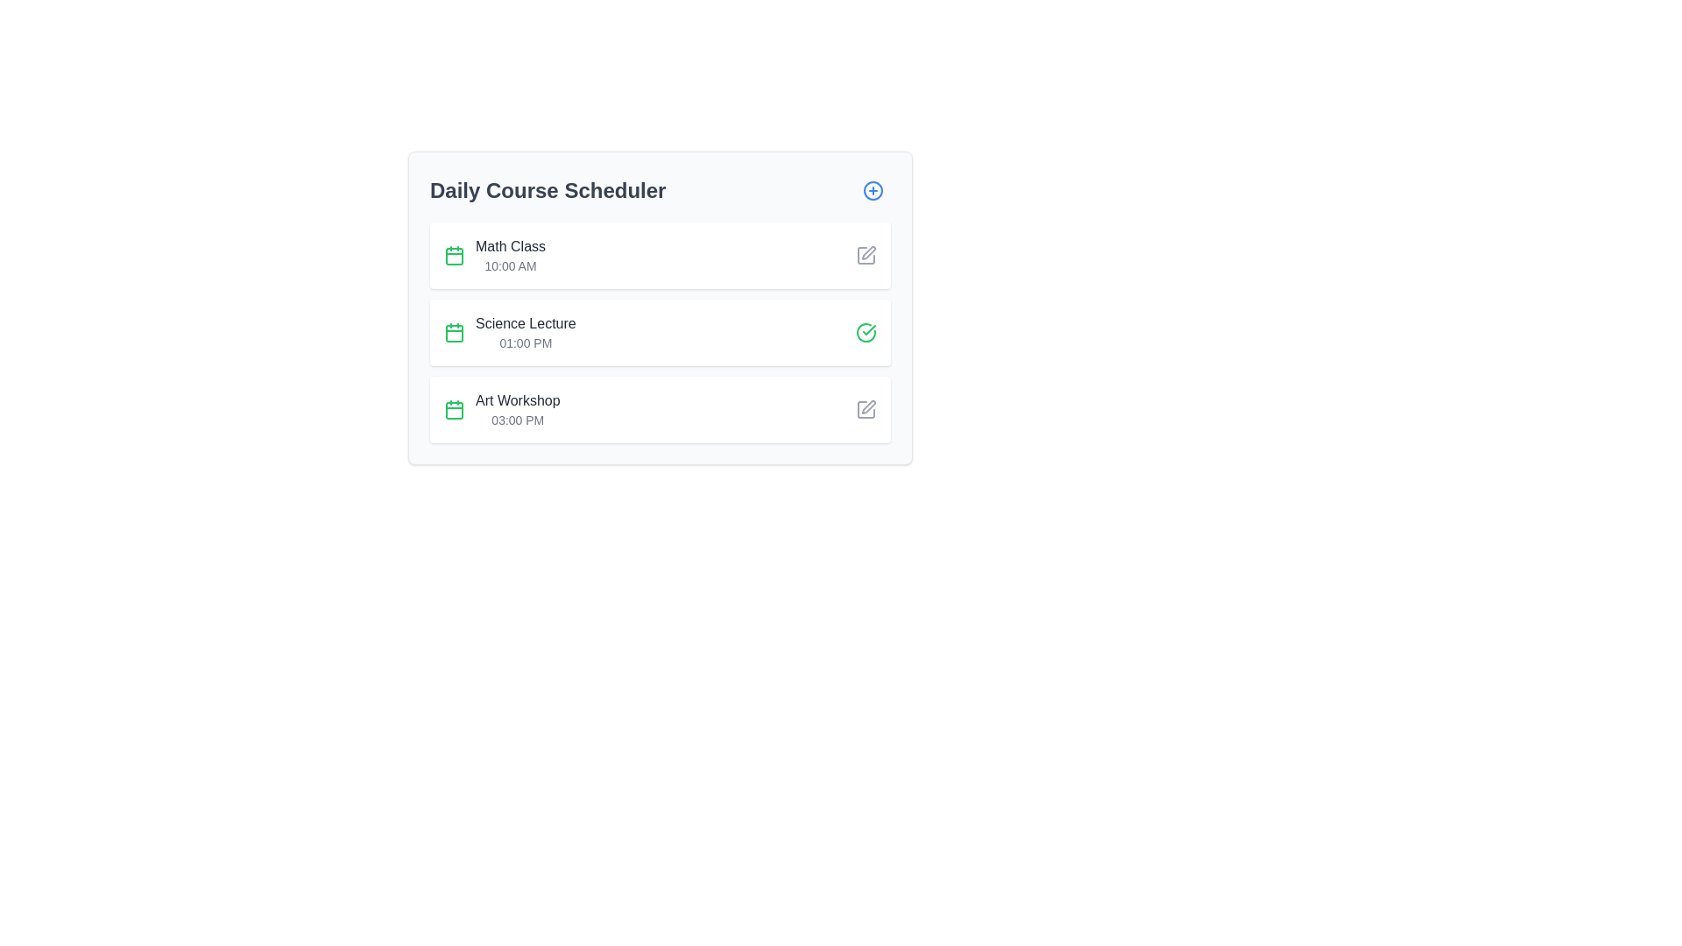 This screenshot has height=946, width=1682. What do you see at coordinates (454, 333) in the screenshot?
I see `the green calendar icon located at the leftmost part of the row for the event titled 'Science Lecture' at '01:00 PM'` at bounding box center [454, 333].